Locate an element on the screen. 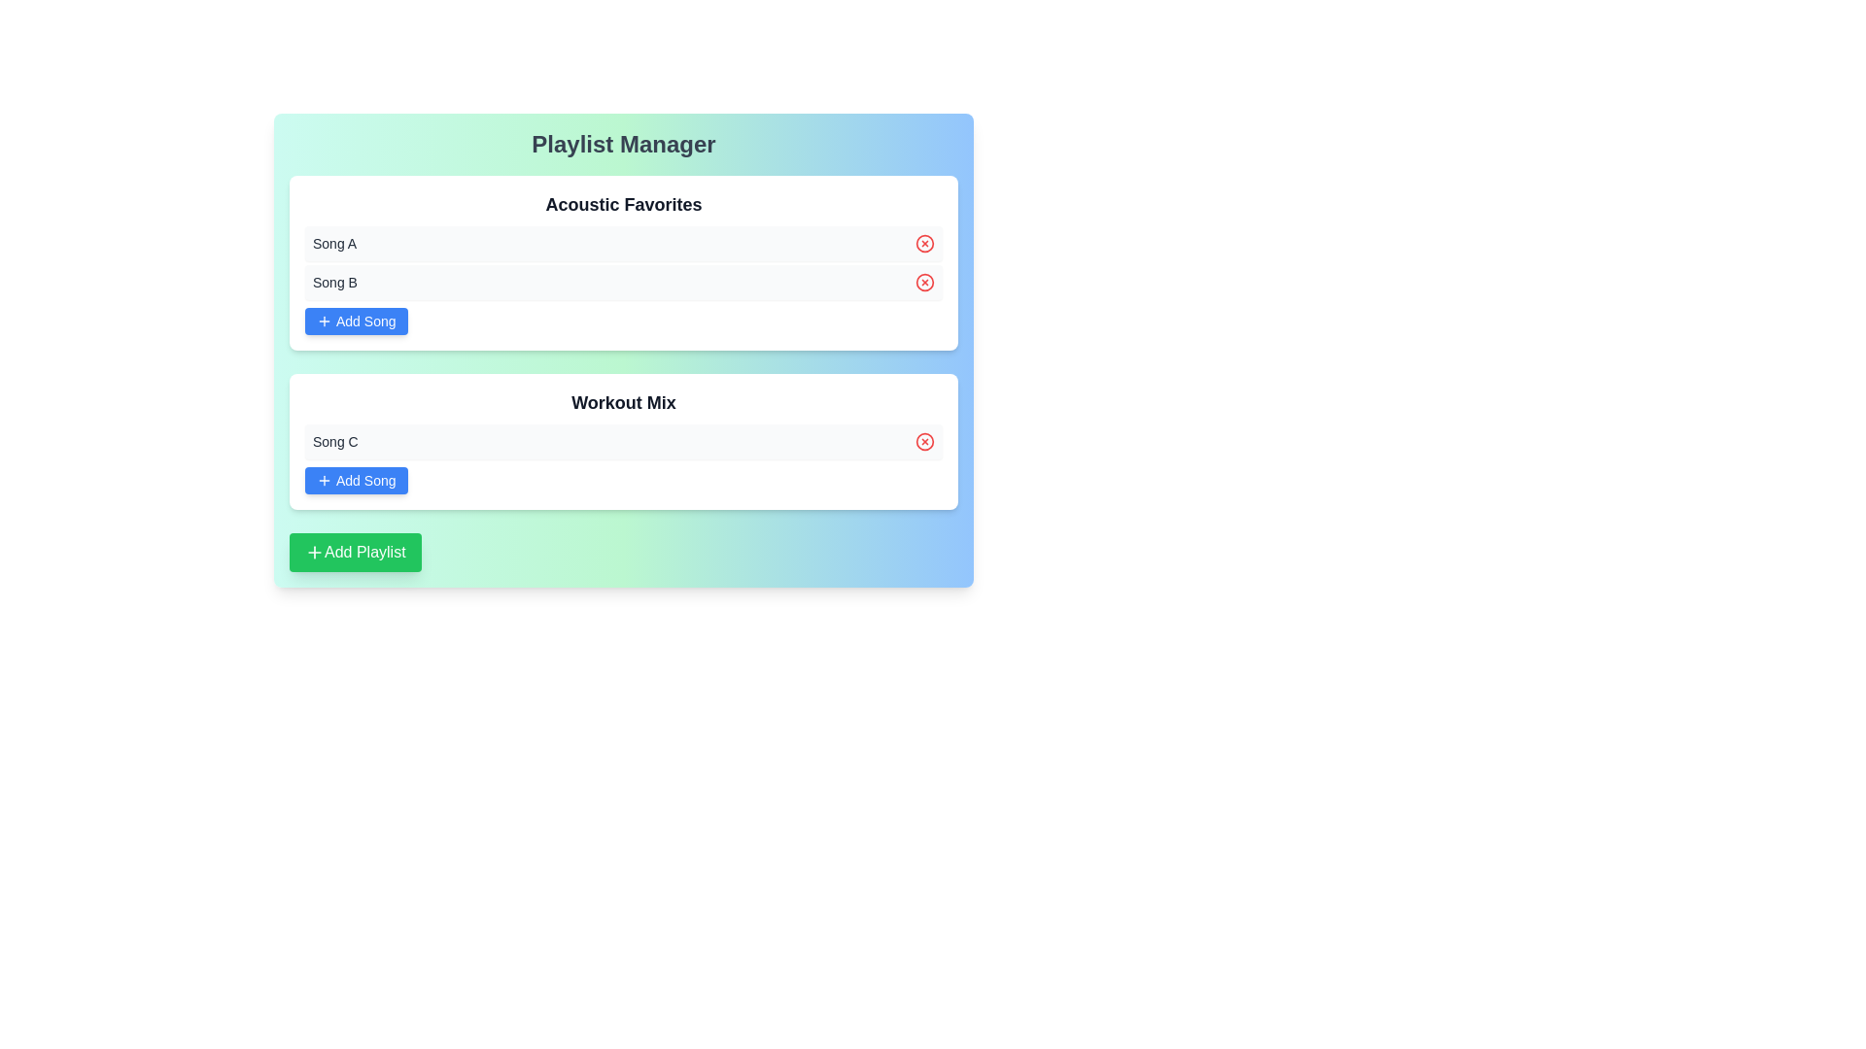  the 'Workout Mix' text label, which serves as the title of the playlist displayed within its containing card, located above 'Song C' and the 'Add Song' button is located at coordinates (624, 402).